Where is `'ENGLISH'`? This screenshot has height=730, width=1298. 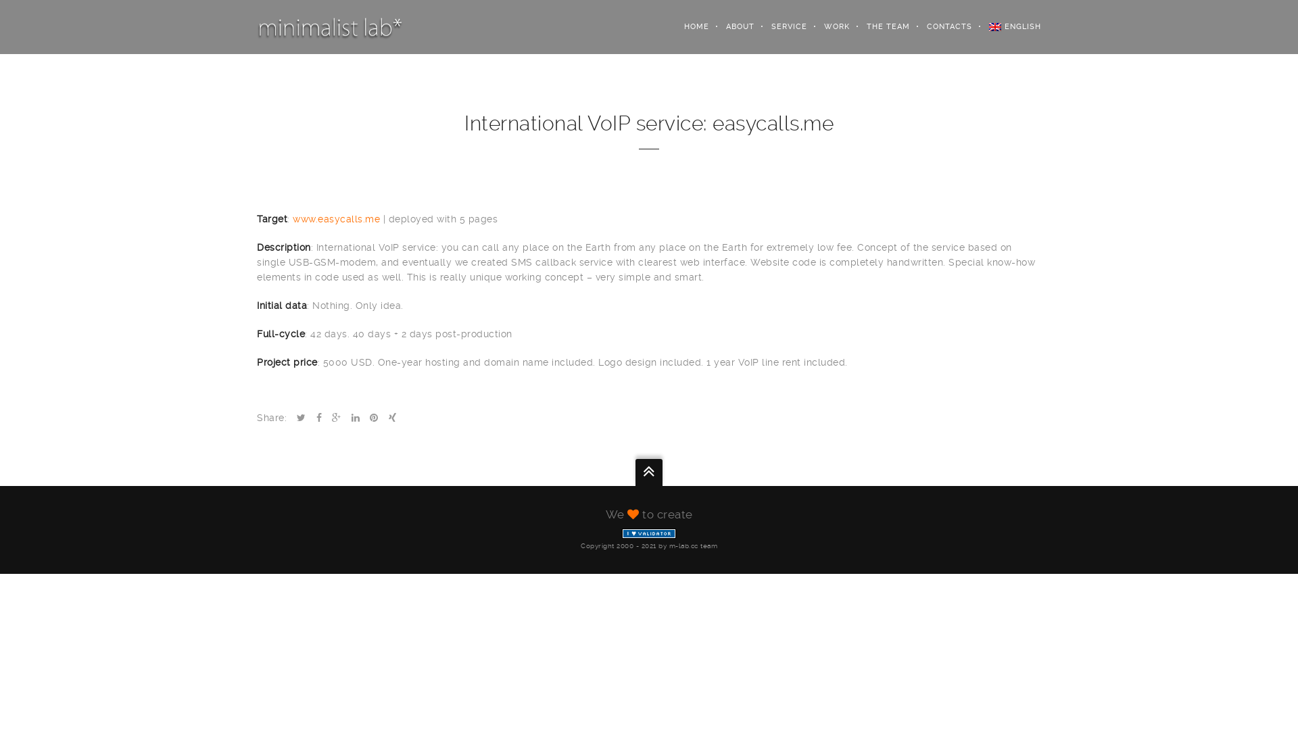
'ENGLISH' is located at coordinates (1006, 26).